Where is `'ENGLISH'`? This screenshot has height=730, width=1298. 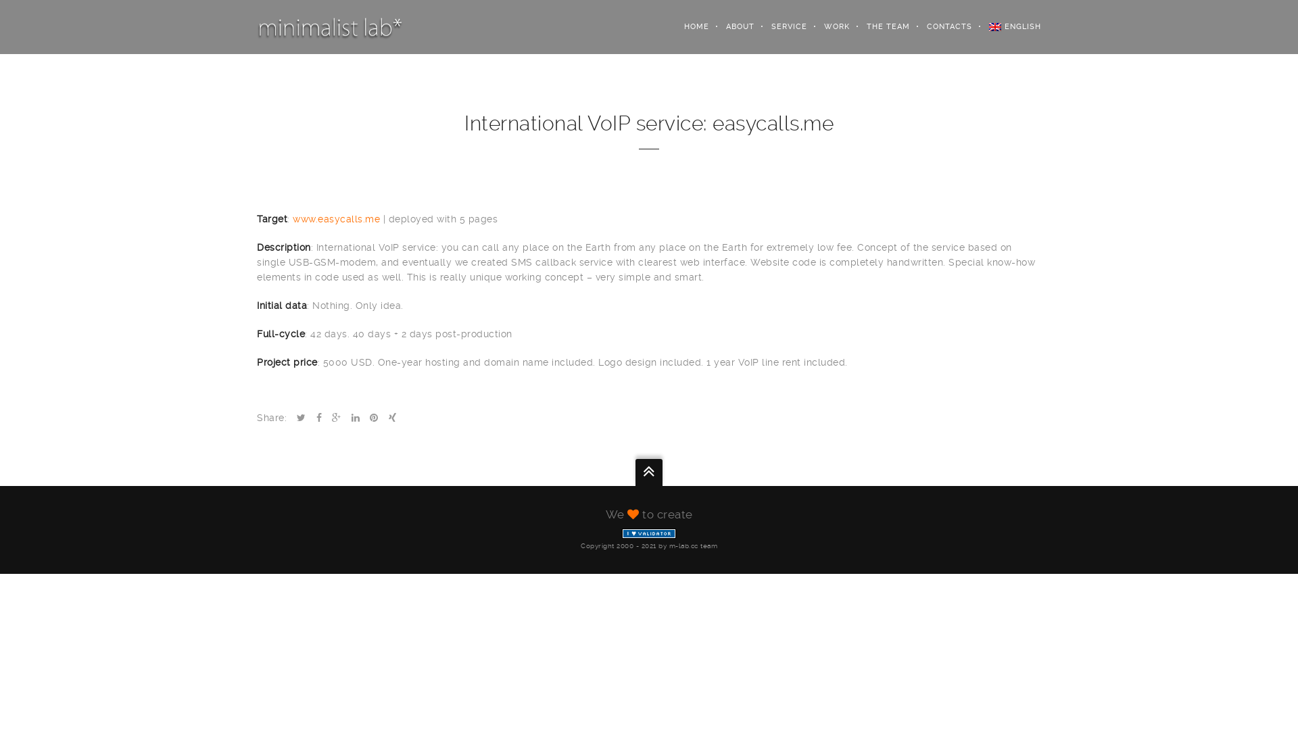
'ENGLISH' is located at coordinates (1006, 26).